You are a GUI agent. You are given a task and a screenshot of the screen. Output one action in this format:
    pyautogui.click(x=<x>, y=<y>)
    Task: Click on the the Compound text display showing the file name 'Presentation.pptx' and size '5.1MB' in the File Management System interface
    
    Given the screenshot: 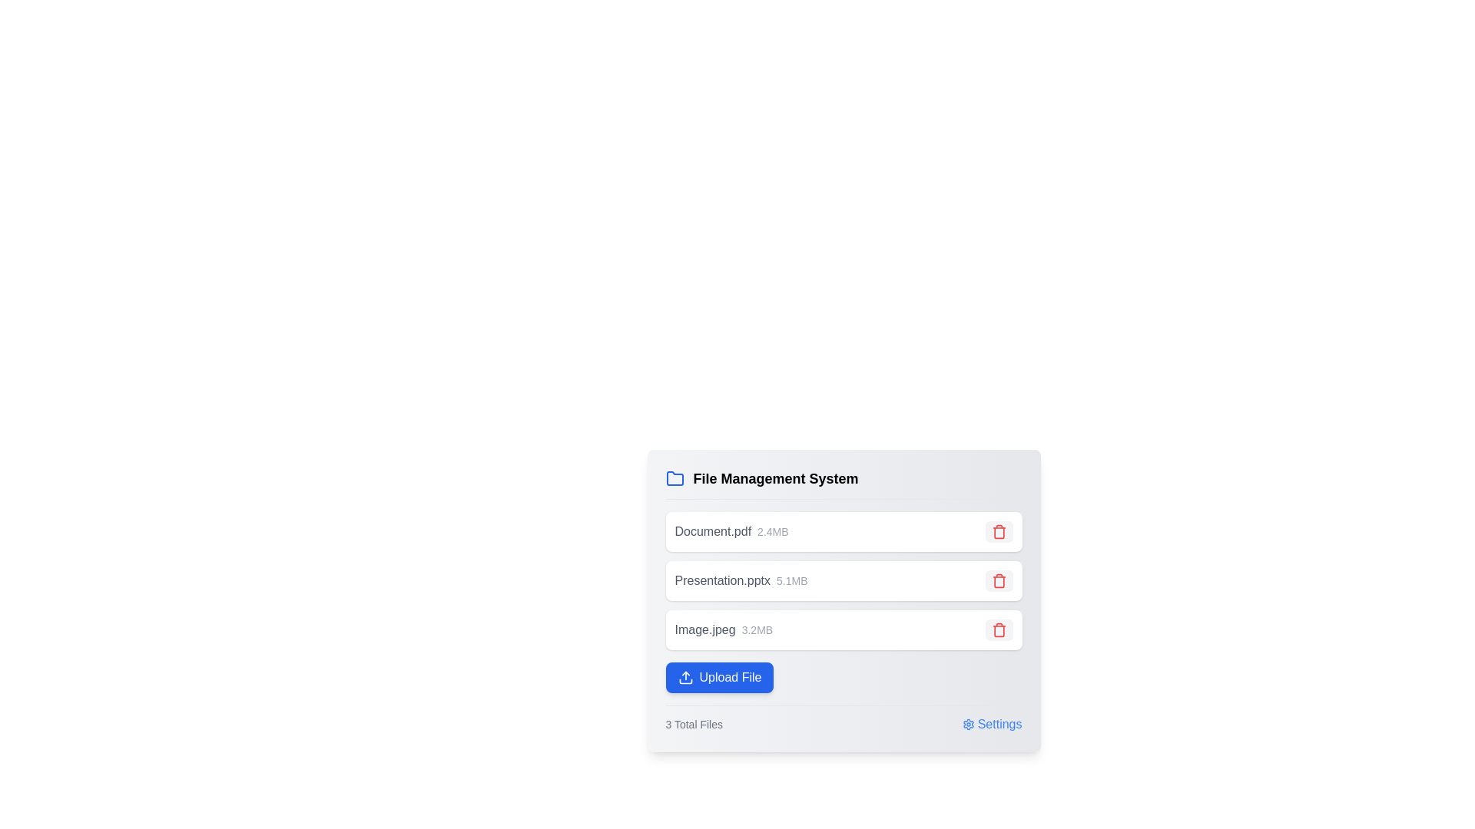 What is the action you would take?
    pyautogui.click(x=741, y=580)
    